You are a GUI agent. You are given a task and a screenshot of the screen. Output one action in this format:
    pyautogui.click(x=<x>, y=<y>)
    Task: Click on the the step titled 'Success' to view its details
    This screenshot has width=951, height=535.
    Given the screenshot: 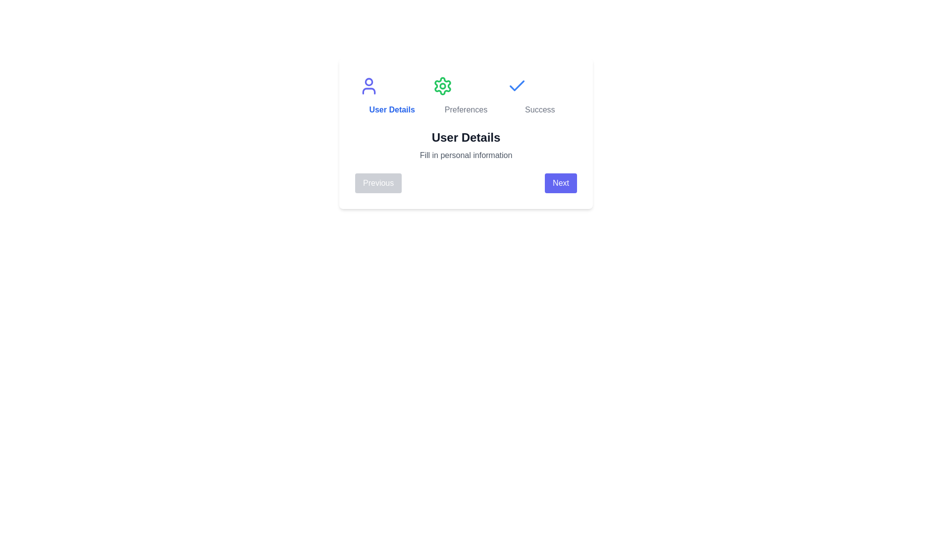 What is the action you would take?
    pyautogui.click(x=539, y=96)
    